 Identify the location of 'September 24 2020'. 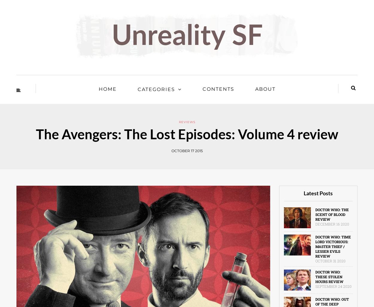
(333, 286).